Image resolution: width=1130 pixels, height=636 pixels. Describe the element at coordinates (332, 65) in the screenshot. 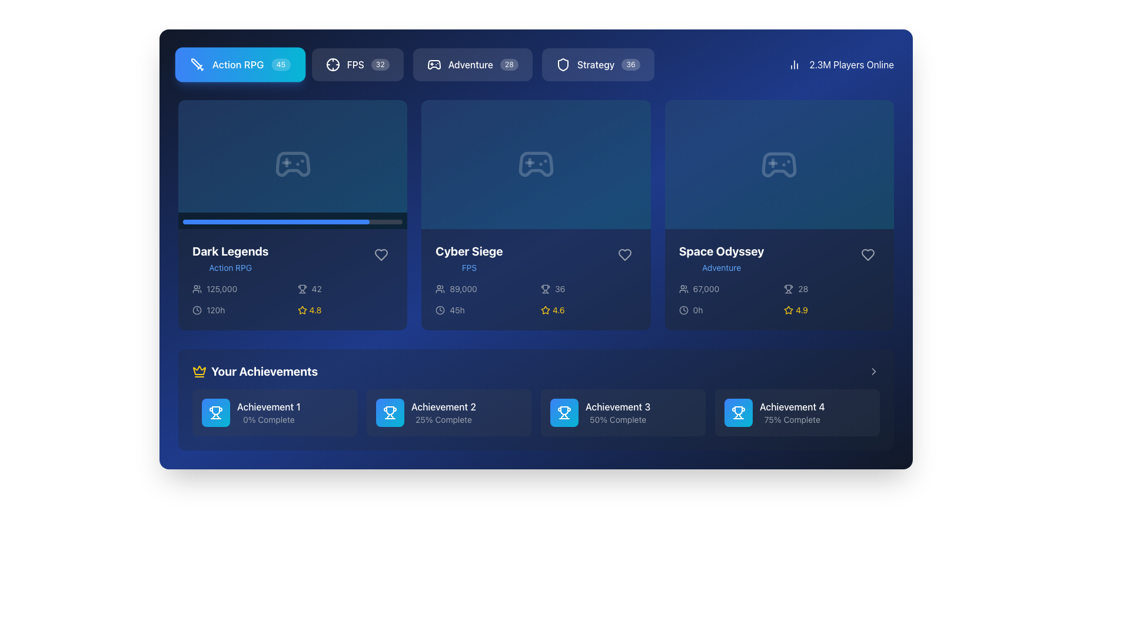

I see `the circular crosshair icon within the 'FPS' button on the navigation bar` at that location.